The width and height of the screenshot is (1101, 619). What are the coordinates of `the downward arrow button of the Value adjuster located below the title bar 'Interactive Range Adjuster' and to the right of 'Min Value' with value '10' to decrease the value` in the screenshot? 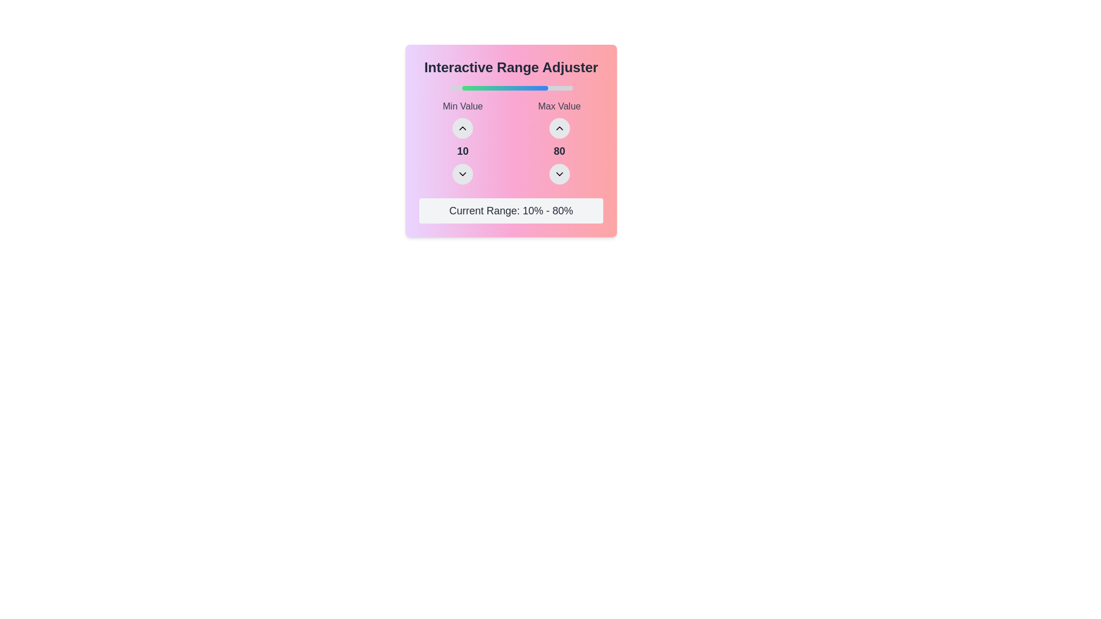 It's located at (559, 141).